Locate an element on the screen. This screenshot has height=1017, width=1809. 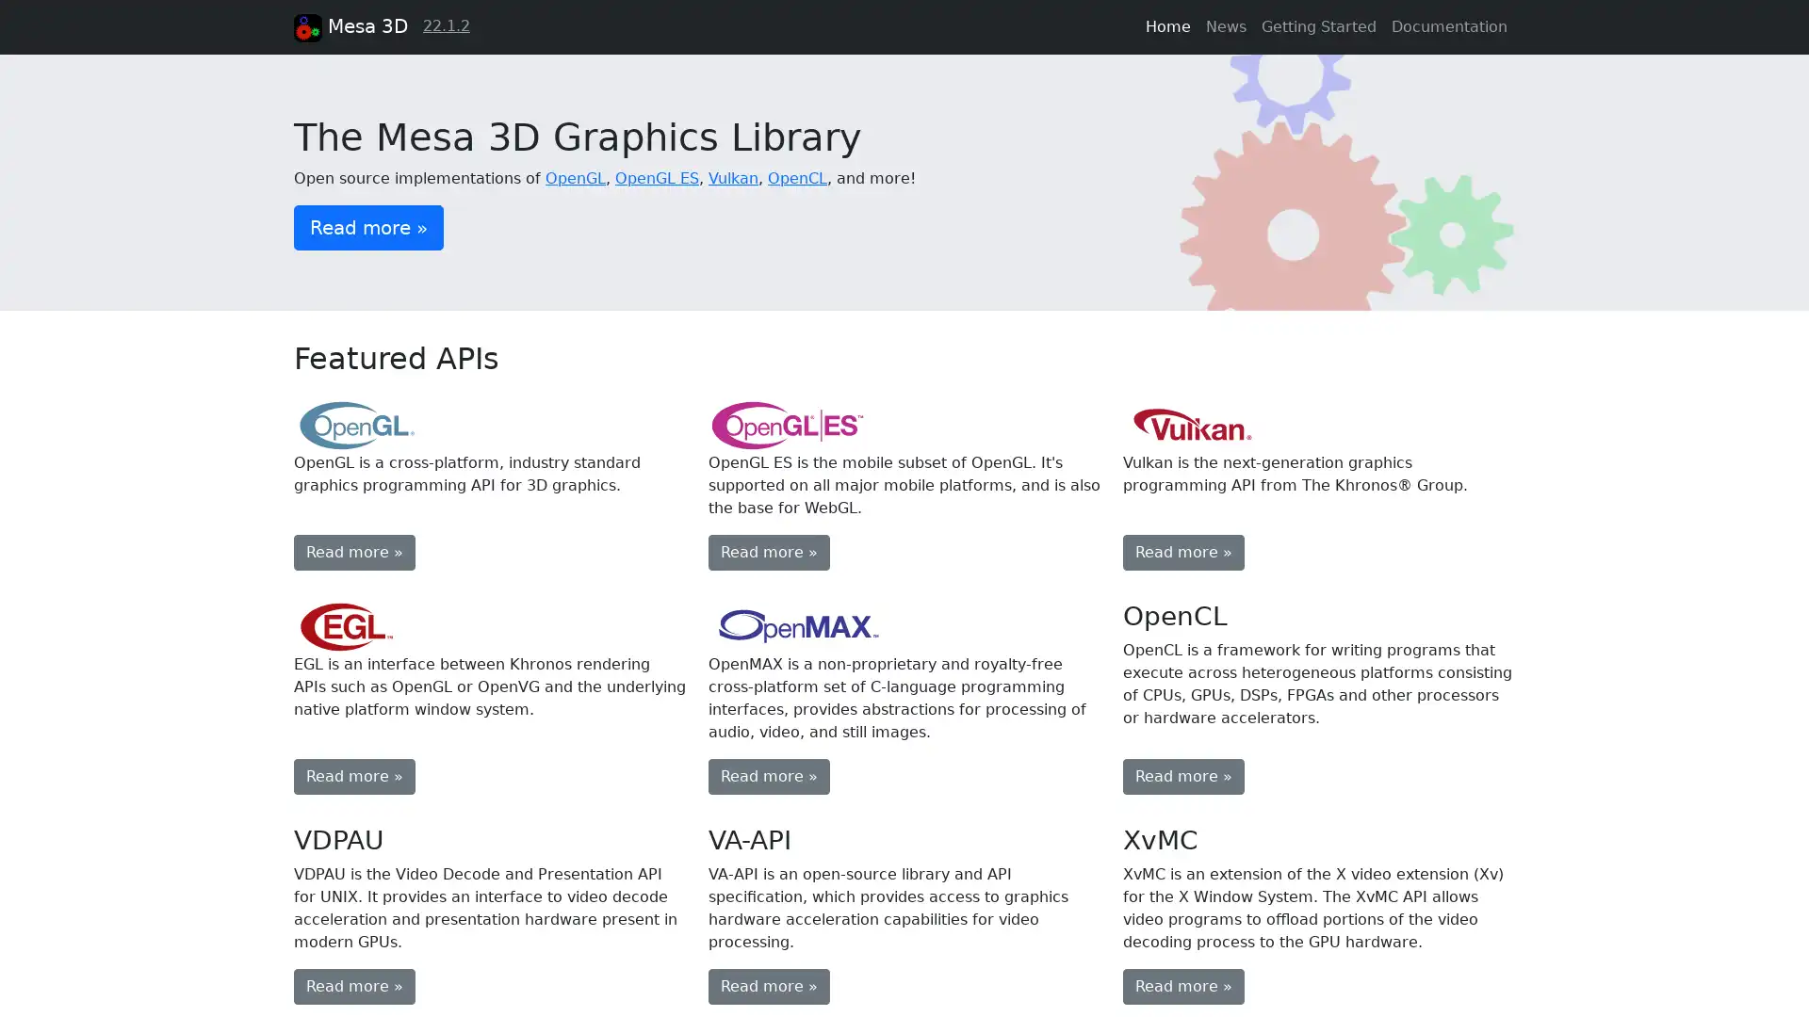
Read more is located at coordinates (354, 986).